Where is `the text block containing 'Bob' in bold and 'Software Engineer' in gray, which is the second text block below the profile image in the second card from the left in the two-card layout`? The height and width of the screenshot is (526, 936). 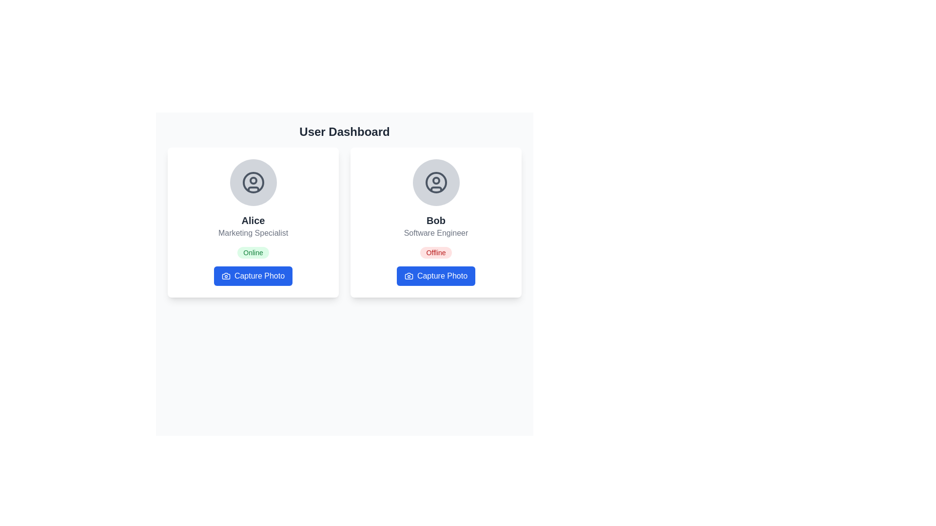 the text block containing 'Bob' in bold and 'Software Engineer' in gray, which is the second text block below the profile image in the second card from the left in the two-card layout is located at coordinates (435, 226).